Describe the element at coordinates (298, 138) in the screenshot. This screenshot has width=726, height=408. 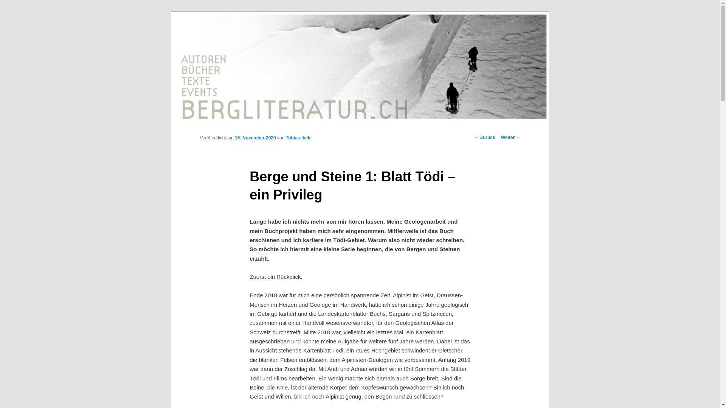
I see `'Tobias Ibele'` at that location.